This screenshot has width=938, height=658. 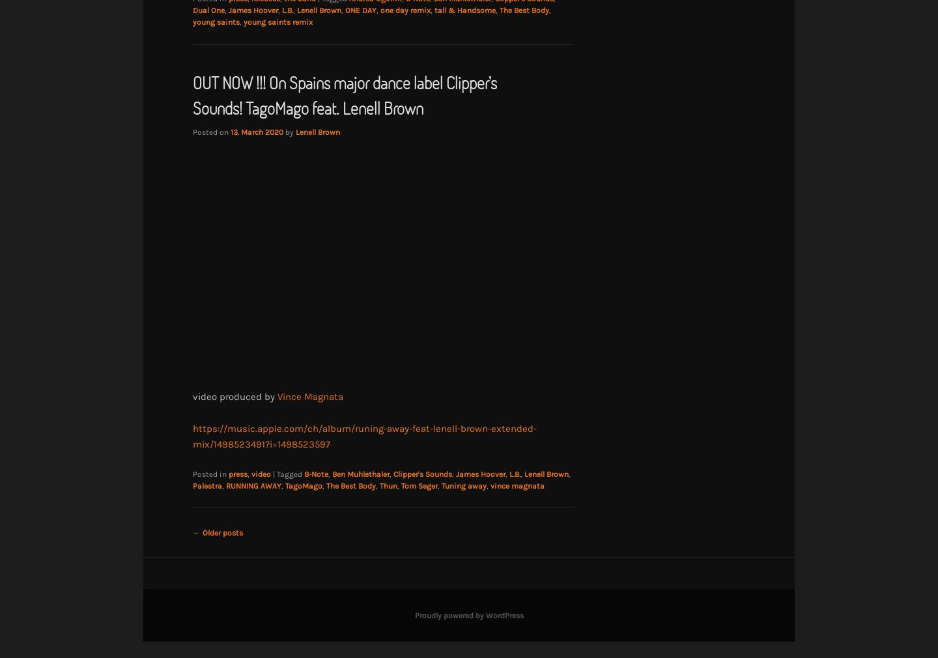 I want to click on 'vince magnata', so click(x=517, y=484).